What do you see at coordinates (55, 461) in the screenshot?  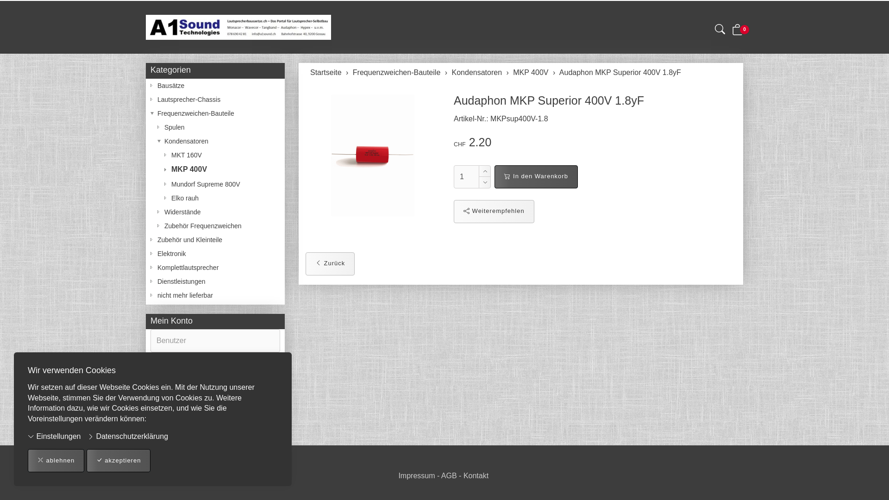 I see `'ablehnen'` at bounding box center [55, 461].